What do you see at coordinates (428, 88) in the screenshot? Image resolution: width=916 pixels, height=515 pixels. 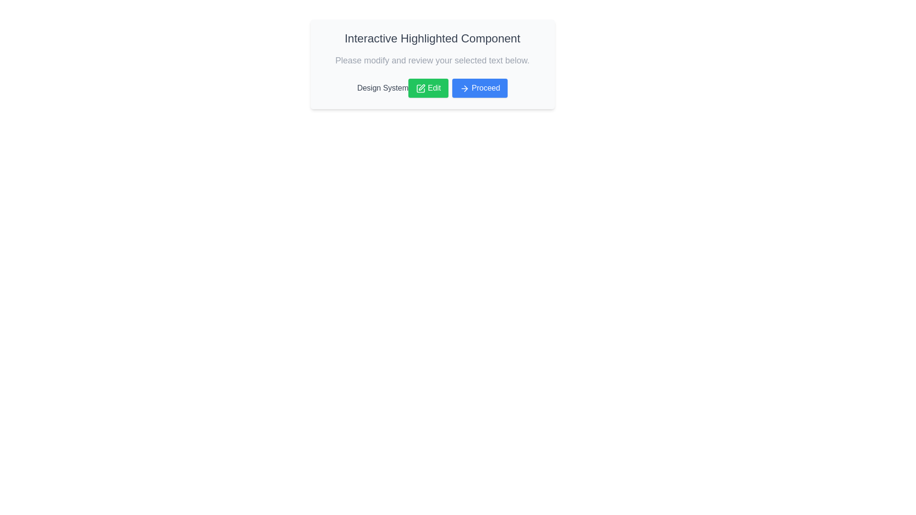 I see `the 'Edit' button, which is a bright green rectangular button with rounded corners and white text, located between the 'Design System' label and the 'Proceed' button` at bounding box center [428, 88].